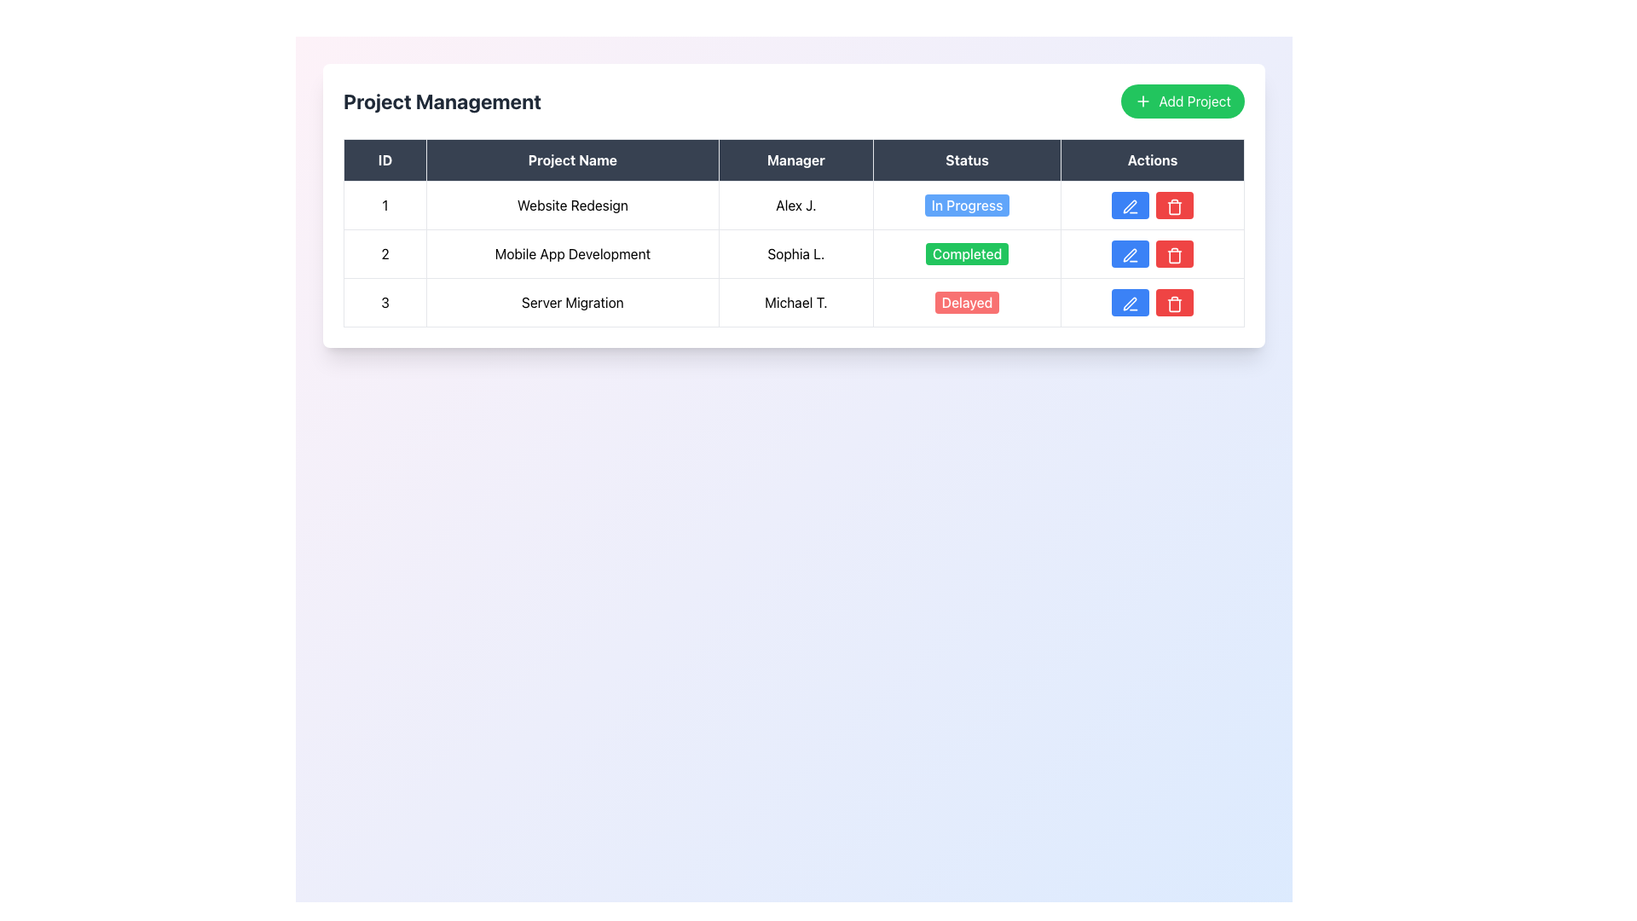 This screenshot has width=1637, height=921. Describe the element at coordinates (384, 160) in the screenshot. I see `the text label 'ID' in the header row of the data table, which is styled with a dark background and white font, located on the far left of the row` at that location.